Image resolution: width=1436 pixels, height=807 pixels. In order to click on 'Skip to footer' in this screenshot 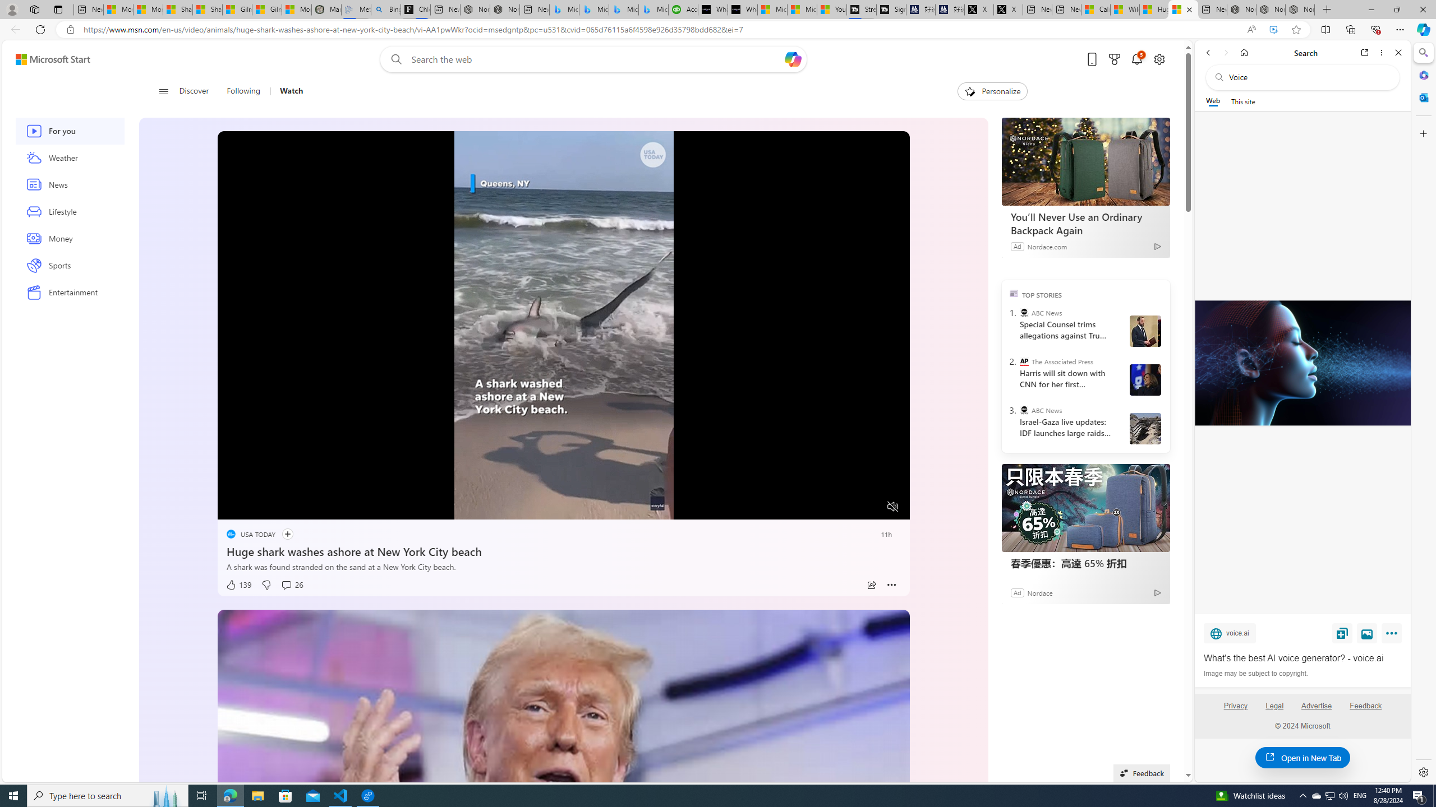, I will do `click(45, 58)`.